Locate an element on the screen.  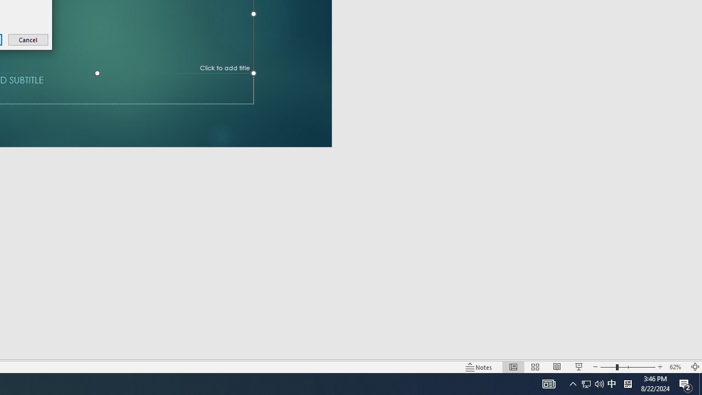
'Zoom 62%' is located at coordinates (676, 367).